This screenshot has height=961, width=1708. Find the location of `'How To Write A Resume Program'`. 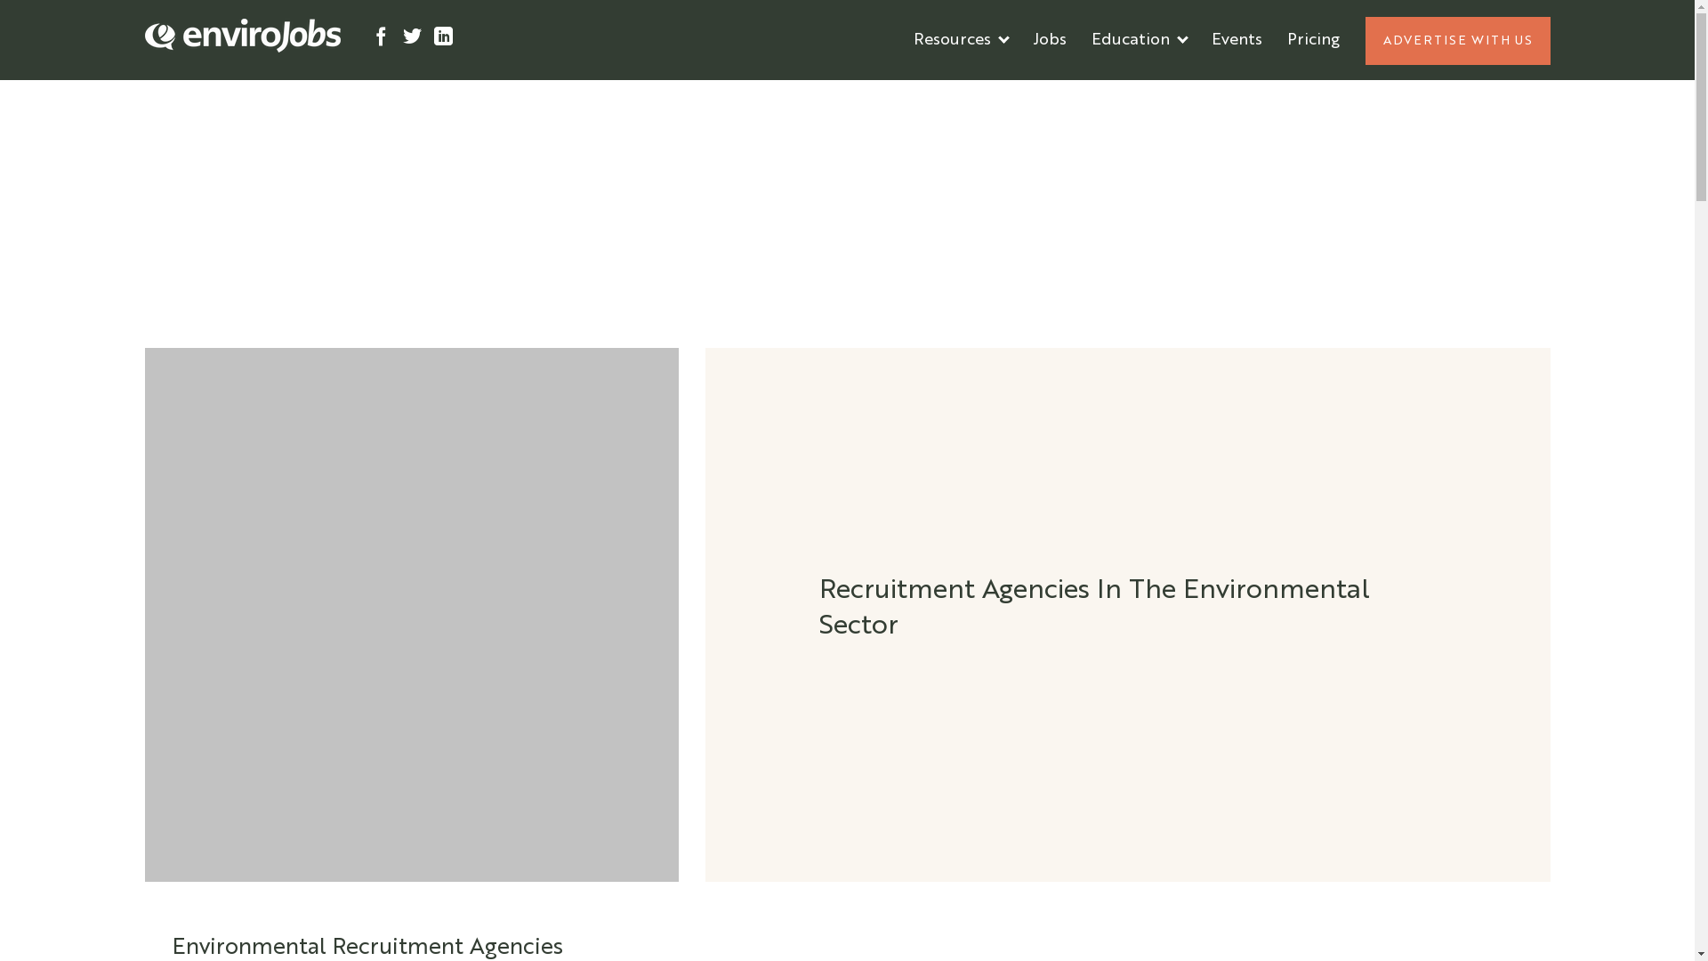

'How To Write A Resume Program' is located at coordinates (1041, 93).